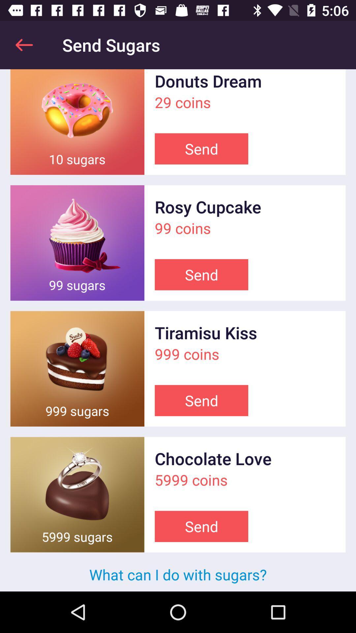 Image resolution: width=356 pixels, height=633 pixels. Describe the element at coordinates (77, 495) in the screenshot. I see `send sugars` at that location.